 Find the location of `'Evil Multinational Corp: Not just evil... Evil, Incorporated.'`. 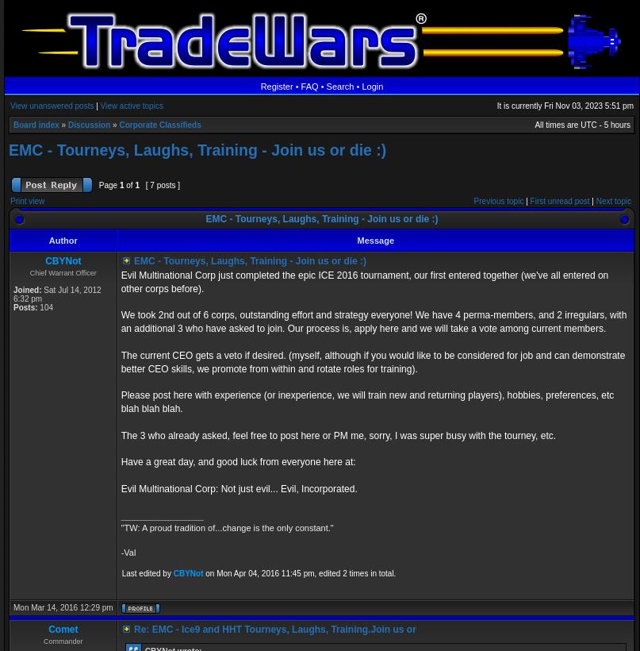

'Evil Multinational Corp: Not just evil... Evil, Incorporated.' is located at coordinates (120, 488).